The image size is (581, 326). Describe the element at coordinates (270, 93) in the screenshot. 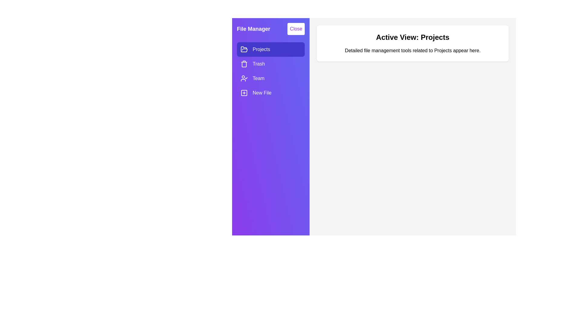

I see `the drawer item New File to observe its hover effect` at that location.